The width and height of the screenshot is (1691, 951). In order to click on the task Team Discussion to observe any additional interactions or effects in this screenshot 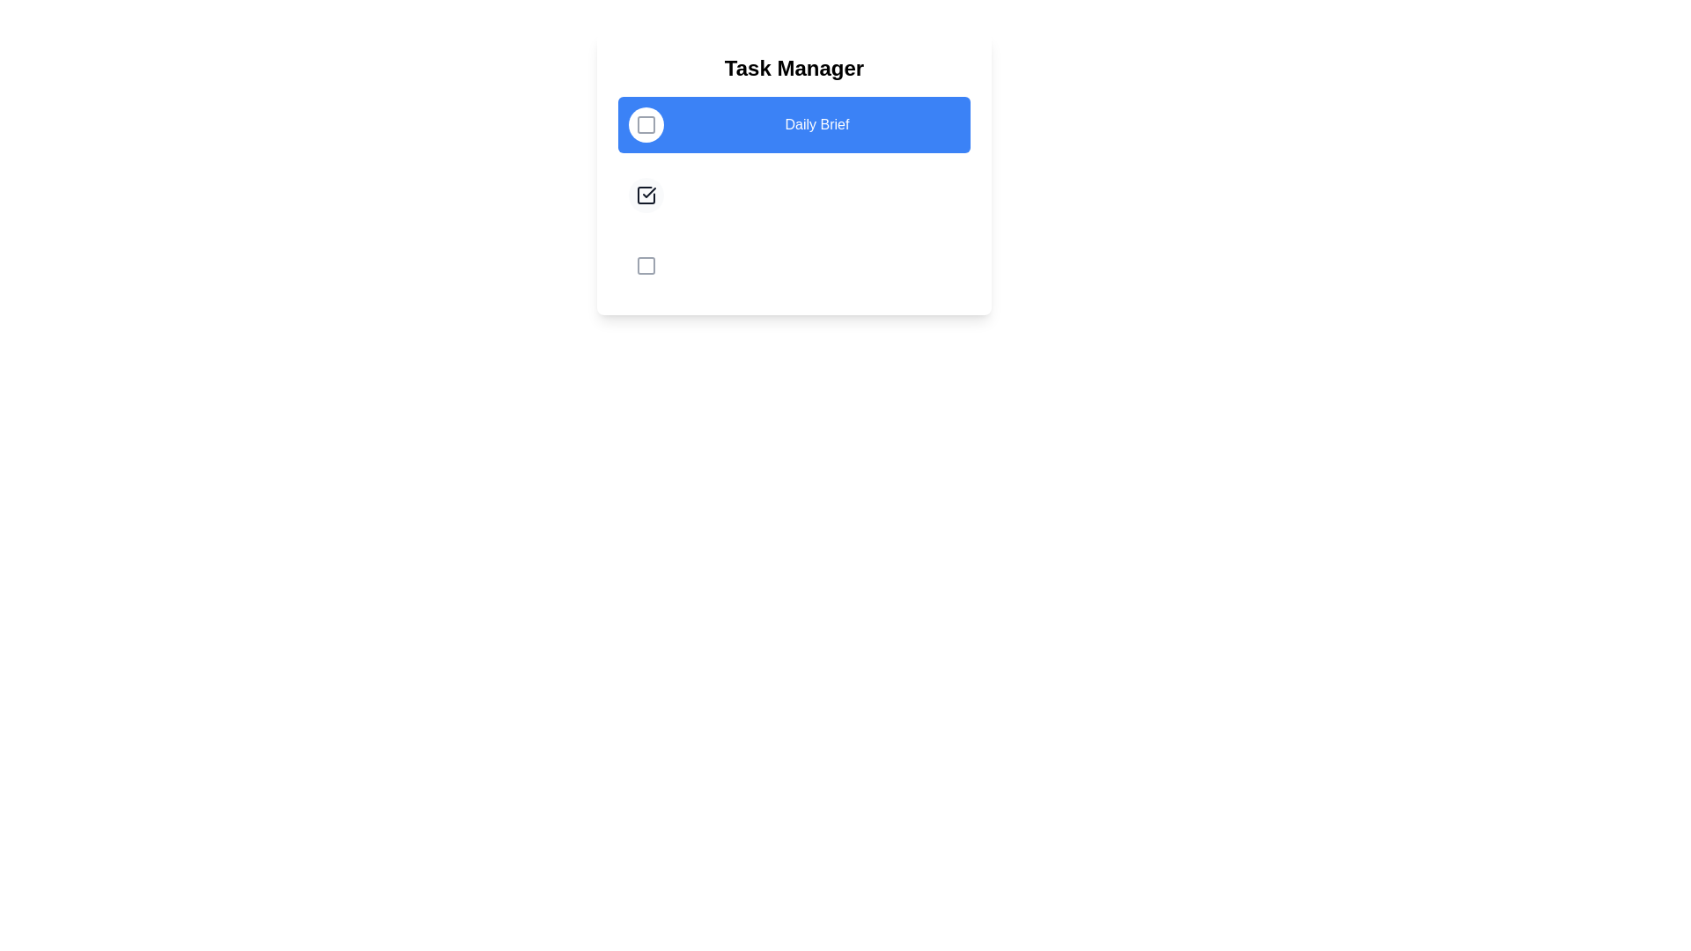, I will do `click(646, 195)`.